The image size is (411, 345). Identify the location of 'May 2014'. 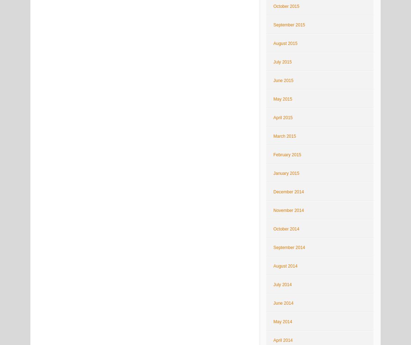
(282, 322).